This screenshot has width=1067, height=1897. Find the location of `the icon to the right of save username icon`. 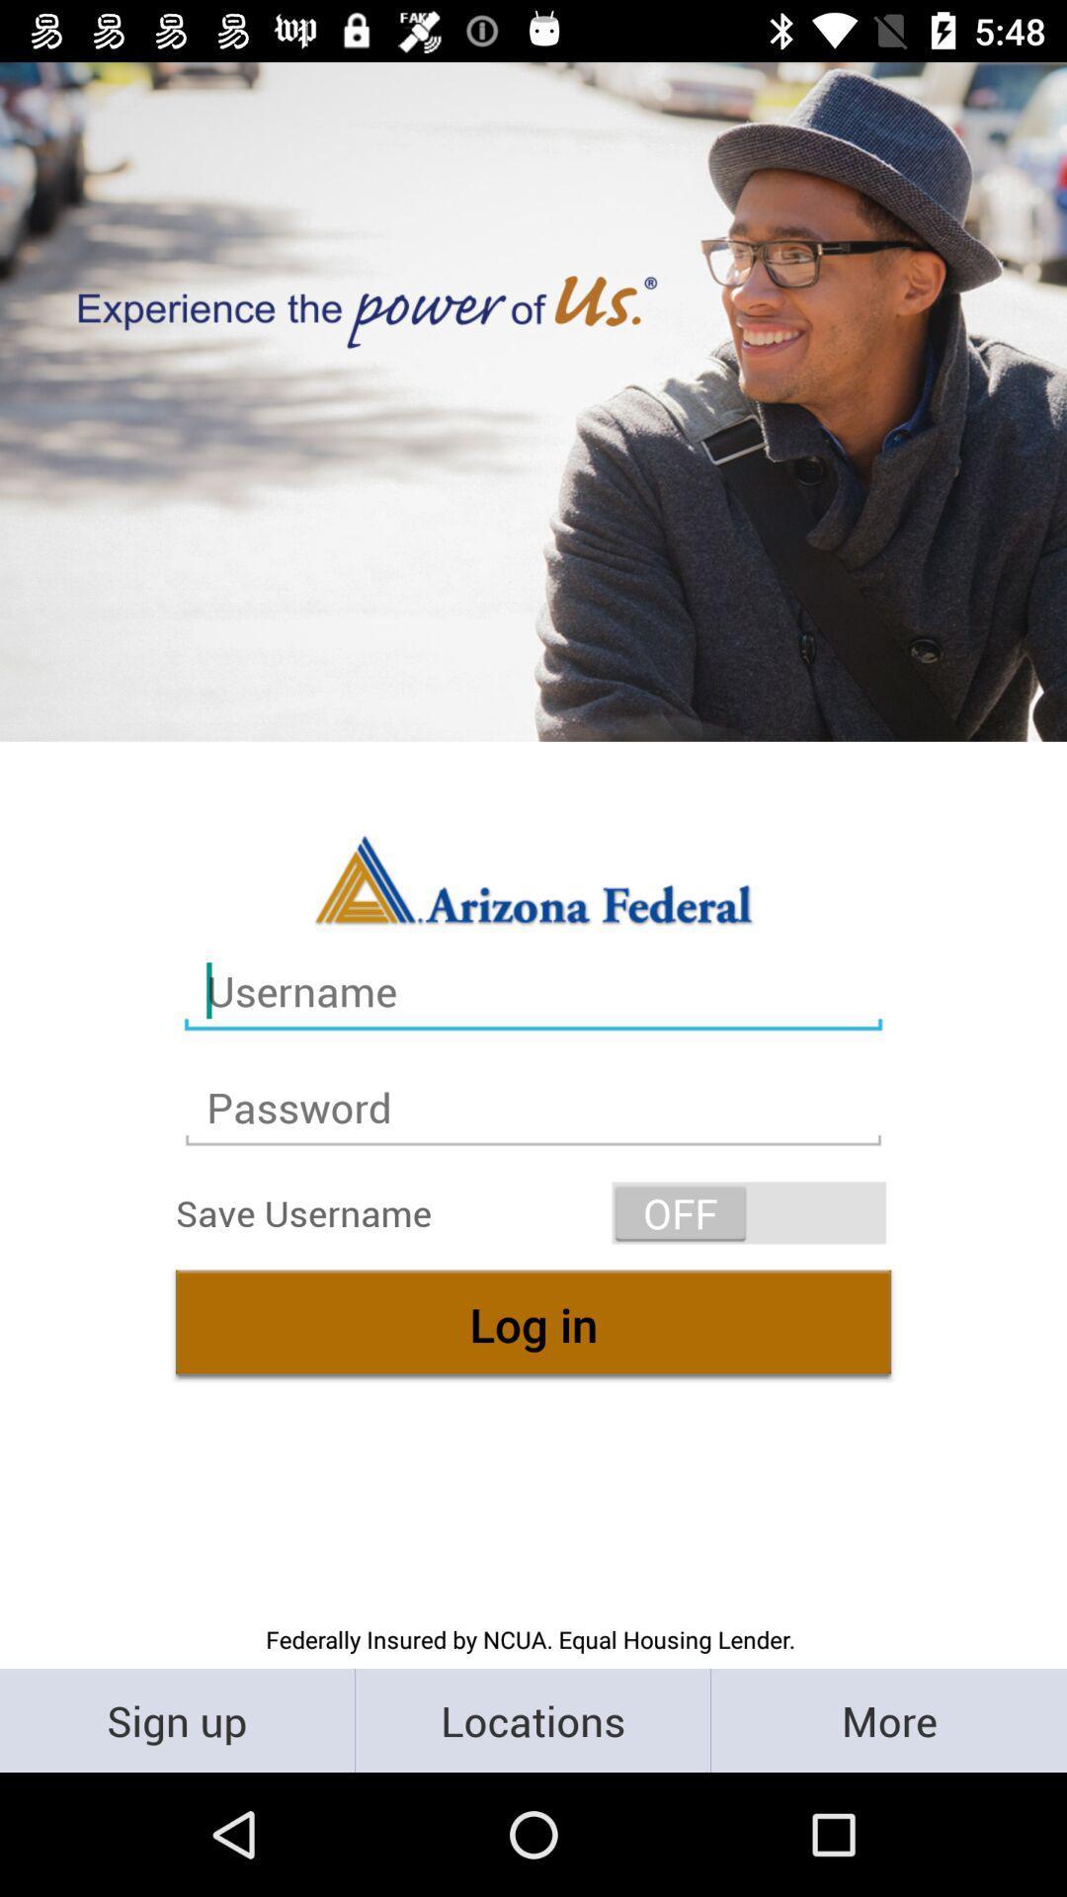

the icon to the right of save username icon is located at coordinates (749, 1211).